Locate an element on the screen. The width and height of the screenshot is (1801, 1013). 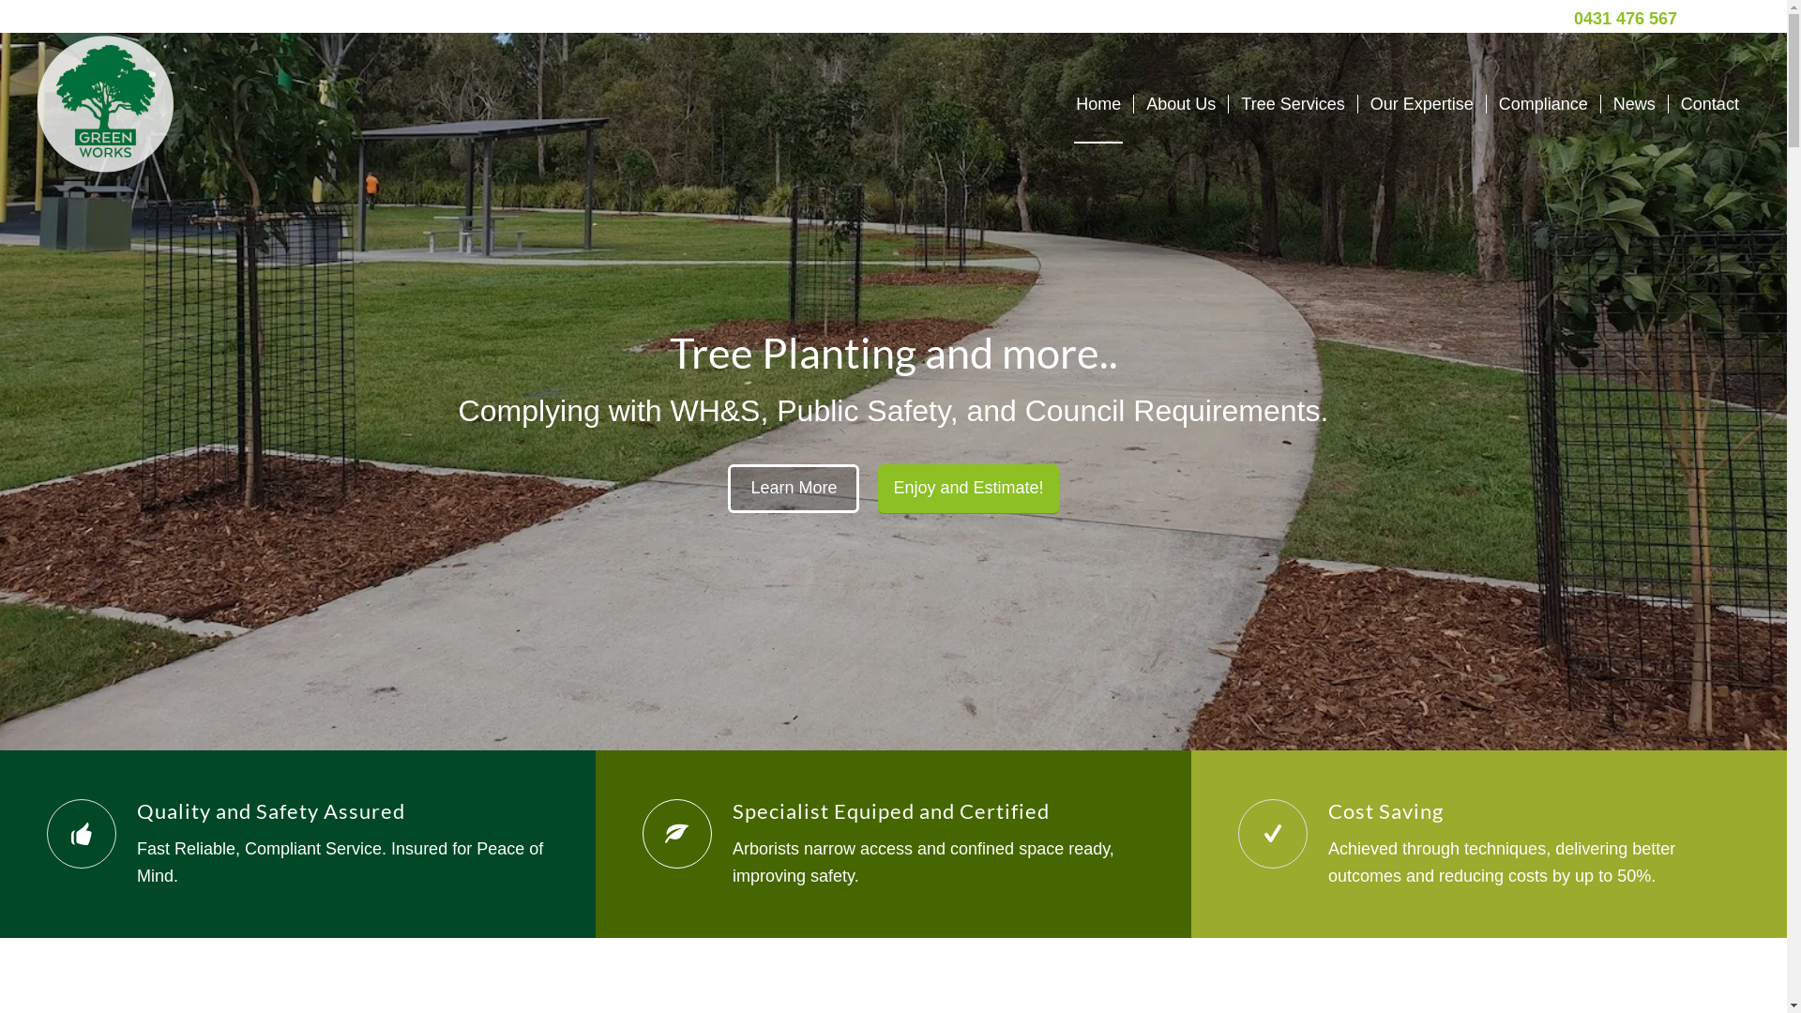
'Quality and Safety Assured' is located at coordinates (135, 809).